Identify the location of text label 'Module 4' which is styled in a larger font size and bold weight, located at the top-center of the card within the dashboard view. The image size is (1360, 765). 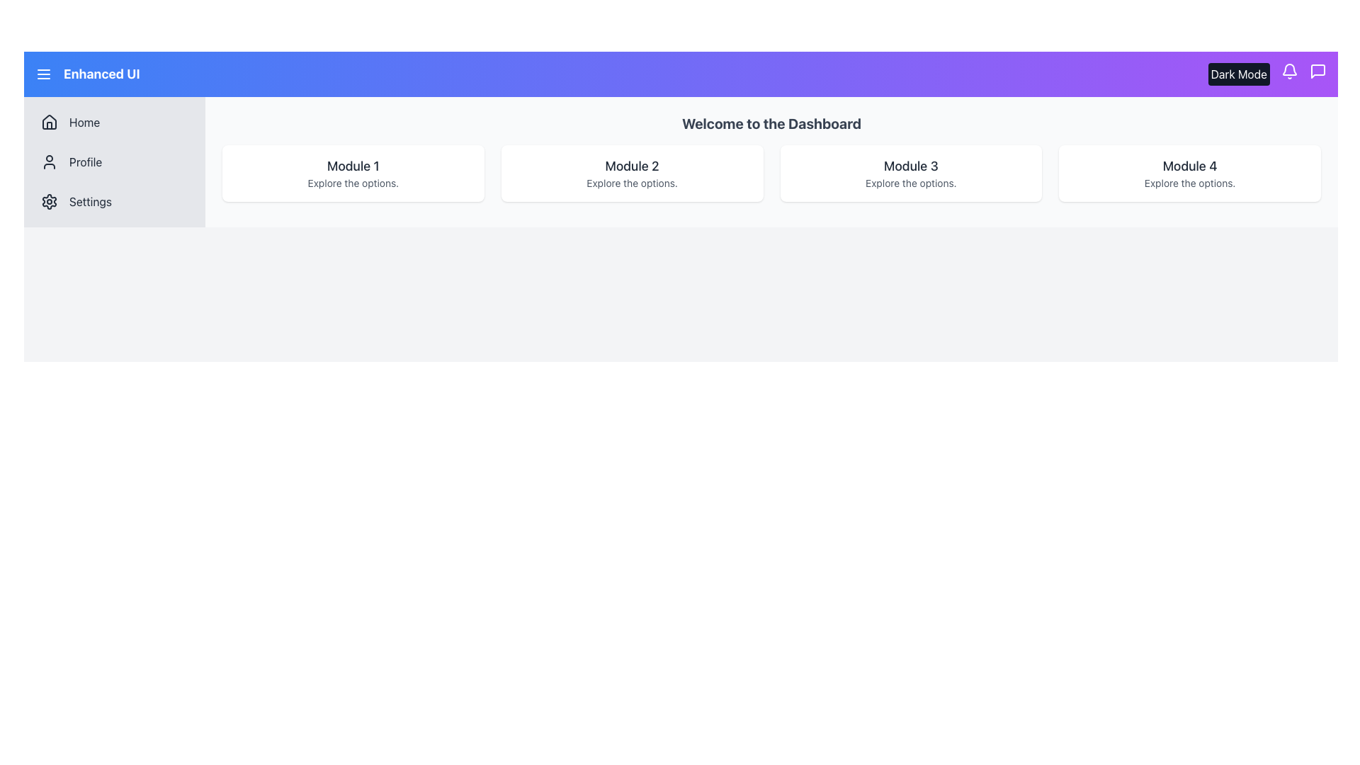
(1190, 166).